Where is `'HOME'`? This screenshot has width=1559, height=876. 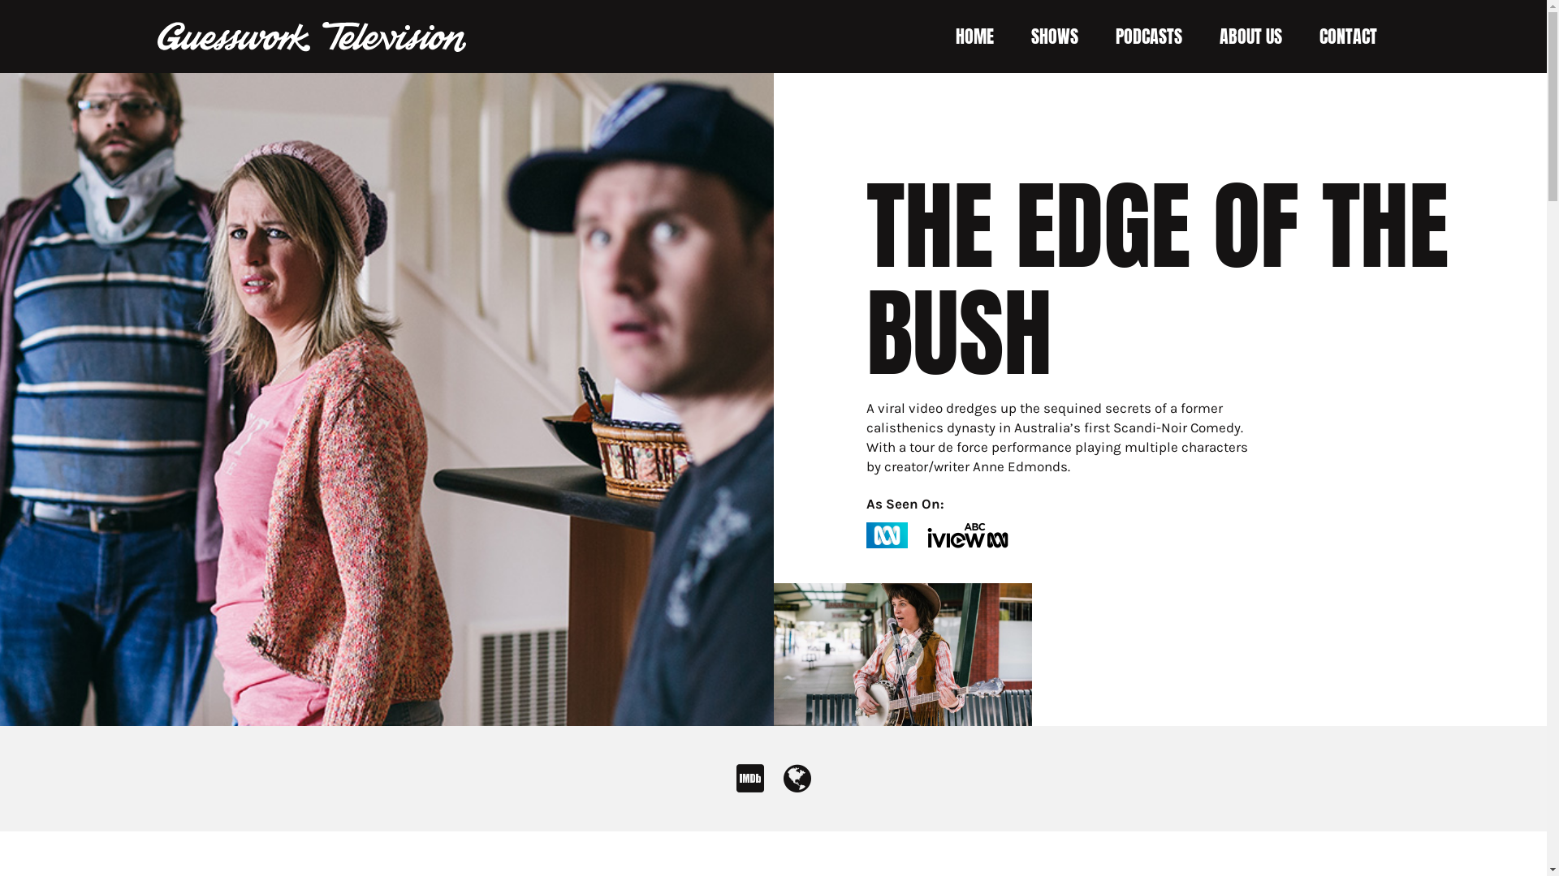
'HOME' is located at coordinates (974, 36).